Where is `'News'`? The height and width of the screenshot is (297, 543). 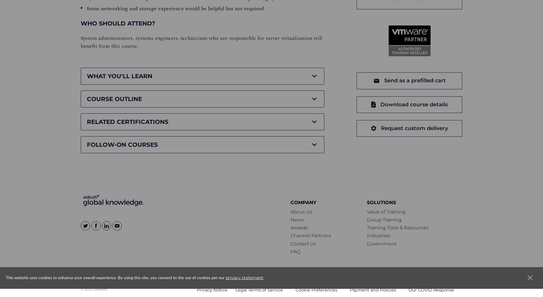
'News' is located at coordinates (290, 219).